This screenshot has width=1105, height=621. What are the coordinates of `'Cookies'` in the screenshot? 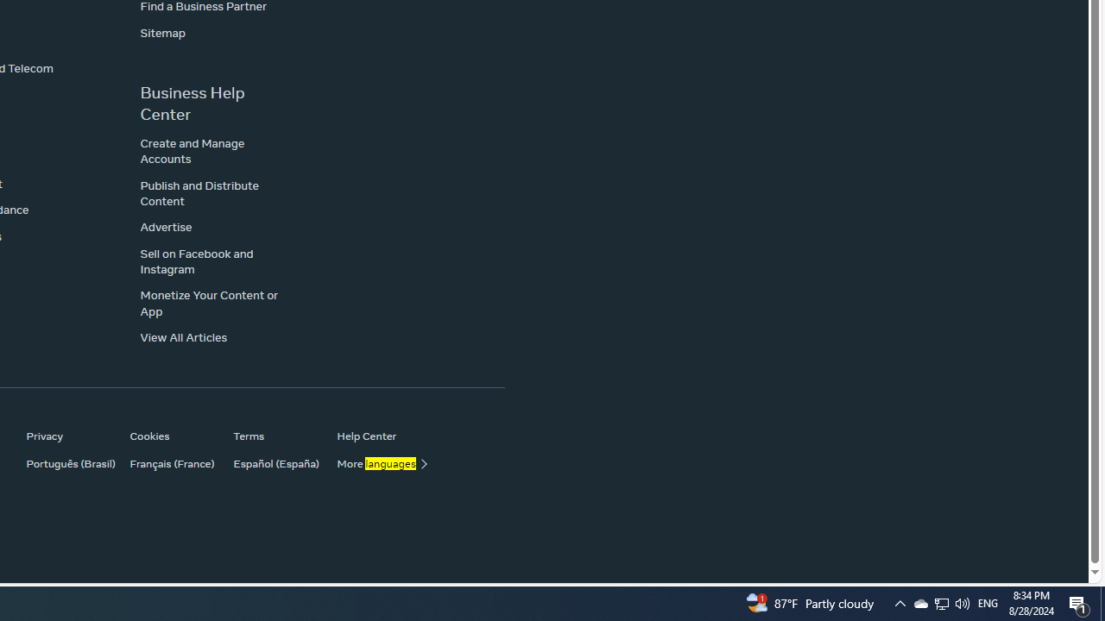 It's located at (173, 435).